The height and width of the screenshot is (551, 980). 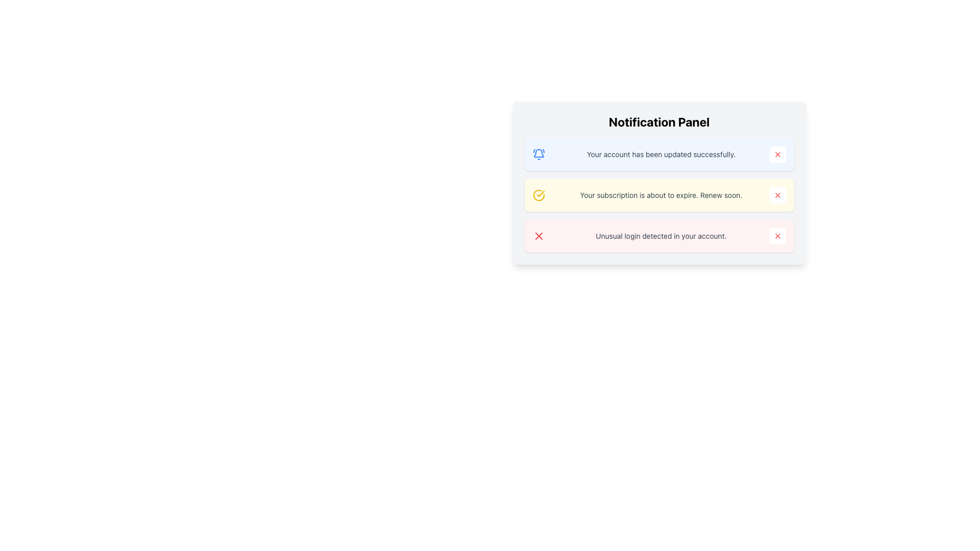 What do you see at coordinates (540, 194) in the screenshot?
I see `the checkmark icon located to the left of the notification message 'Your subscription is about to expire. Renew soon.' in the second notification item` at bounding box center [540, 194].